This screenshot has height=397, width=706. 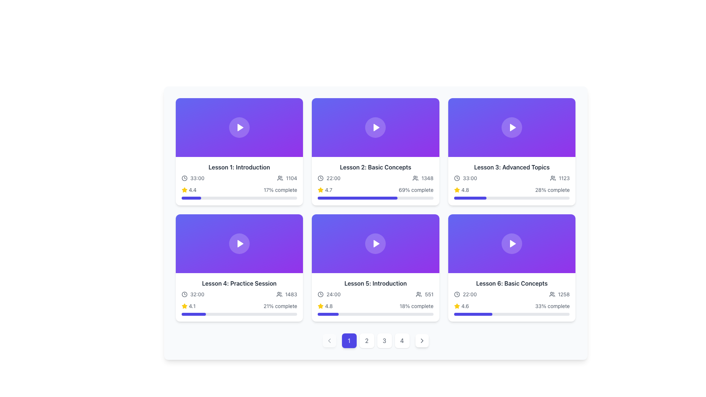 I want to click on the static text label displaying 'Lesson 3: Advanced Topics' in the top-right corner of the lessons grid, so click(x=511, y=167).